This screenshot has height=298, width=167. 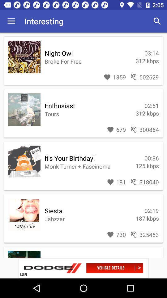 I want to click on share the article option, so click(x=83, y=268).